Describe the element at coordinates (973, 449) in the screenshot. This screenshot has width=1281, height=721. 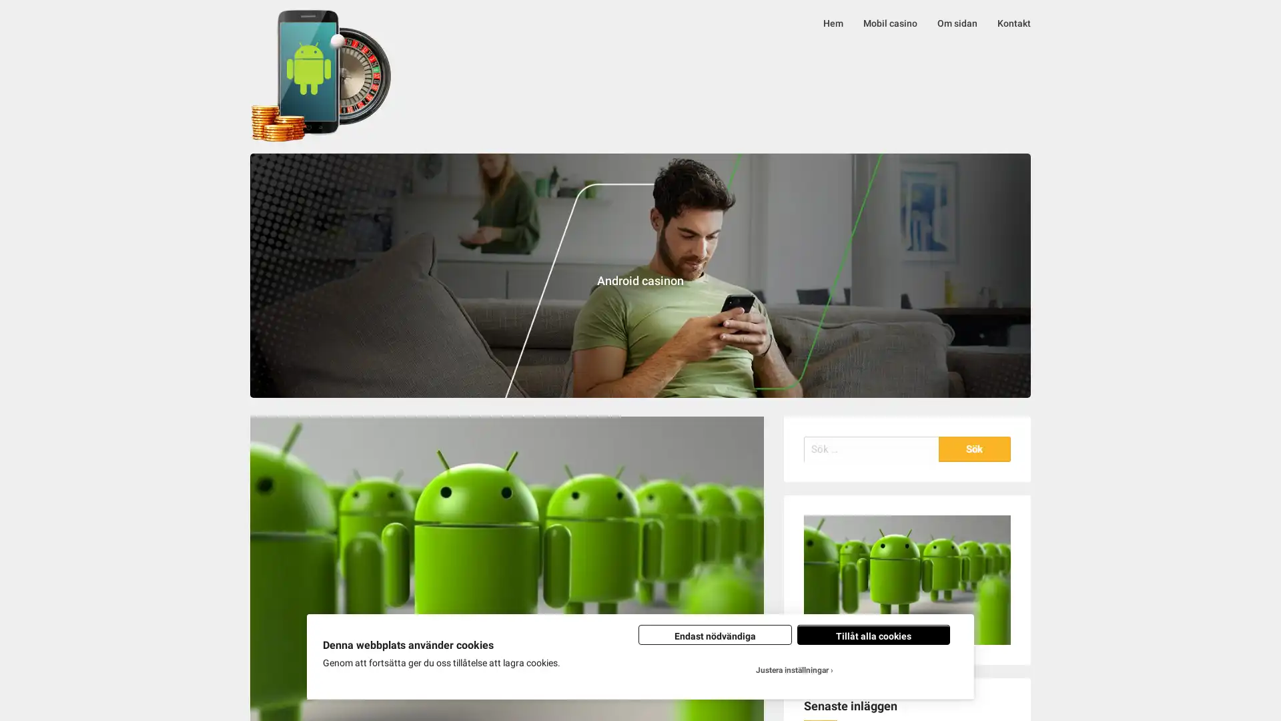
I see `Sok` at that location.